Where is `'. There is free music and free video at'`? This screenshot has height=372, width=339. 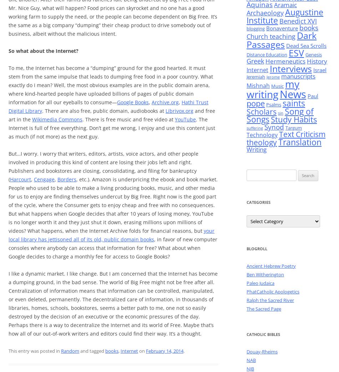 '. There is free music and free video at' is located at coordinates (128, 119).